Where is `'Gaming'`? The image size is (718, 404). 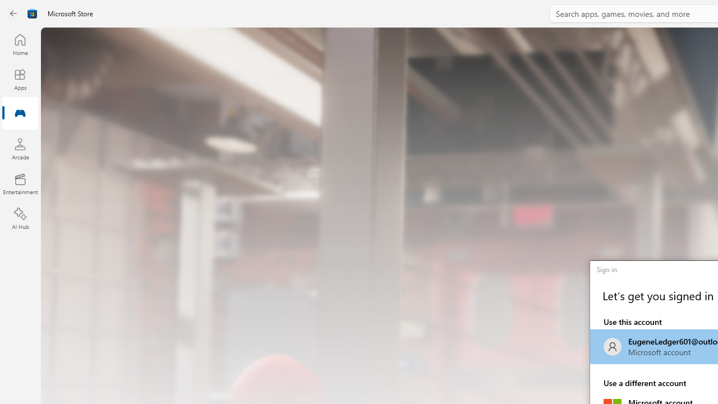
'Gaming' is located at coordinates (20, 114).